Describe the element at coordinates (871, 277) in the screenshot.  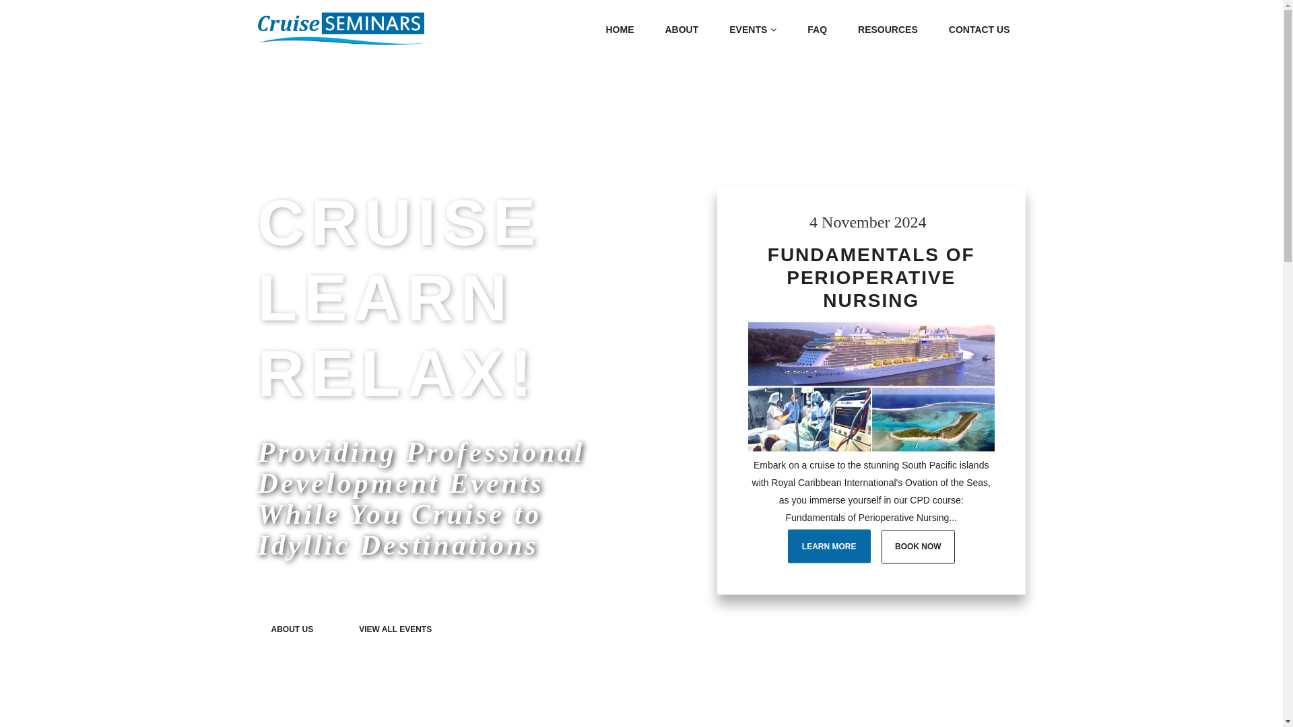
I see `'FUNDAMENTALS OF PERIOPERATIVE NURSING'` at that location.